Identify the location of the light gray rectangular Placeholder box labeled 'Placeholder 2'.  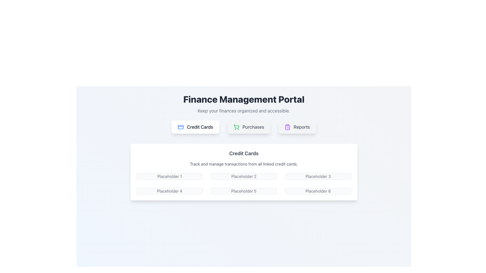
(244, 176).